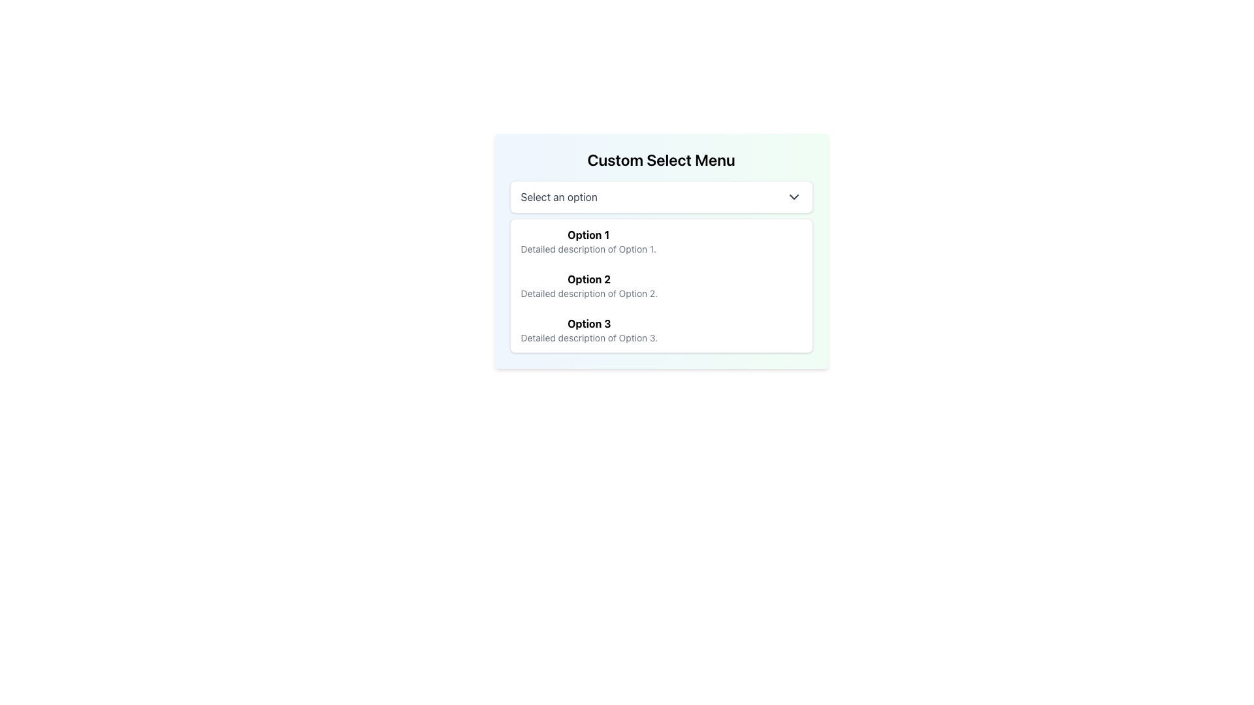 Image resolution: width=1254 pixels, height=705 pixels. Describe the element at coordinates (661, 242) in the screenshot. I see `the first option in the dropdown menu` at that location.